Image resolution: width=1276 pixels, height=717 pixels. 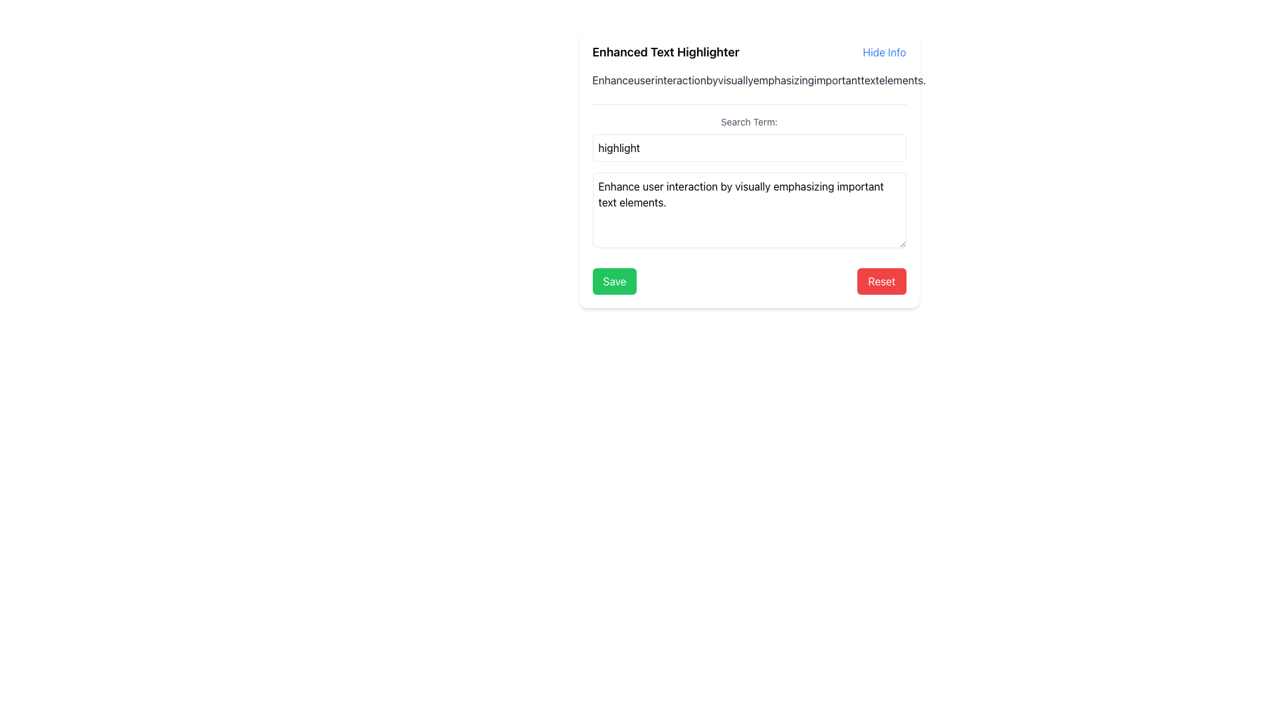 I want to click on emphasized text string 'Enhance' located at the top left region of the interface, so click(x=612, y=80).